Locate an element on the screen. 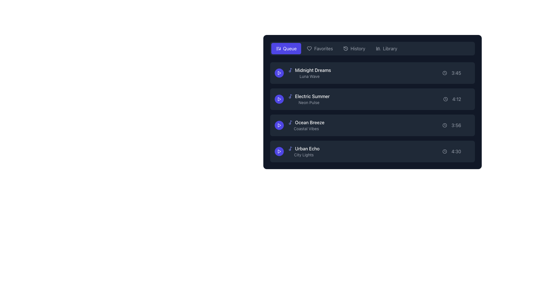 The height and width of the screenshot is (307, 546). the icon representing the time in the first row of the list, located to the right of the text '3:45' is located at coordinates (444, 73).